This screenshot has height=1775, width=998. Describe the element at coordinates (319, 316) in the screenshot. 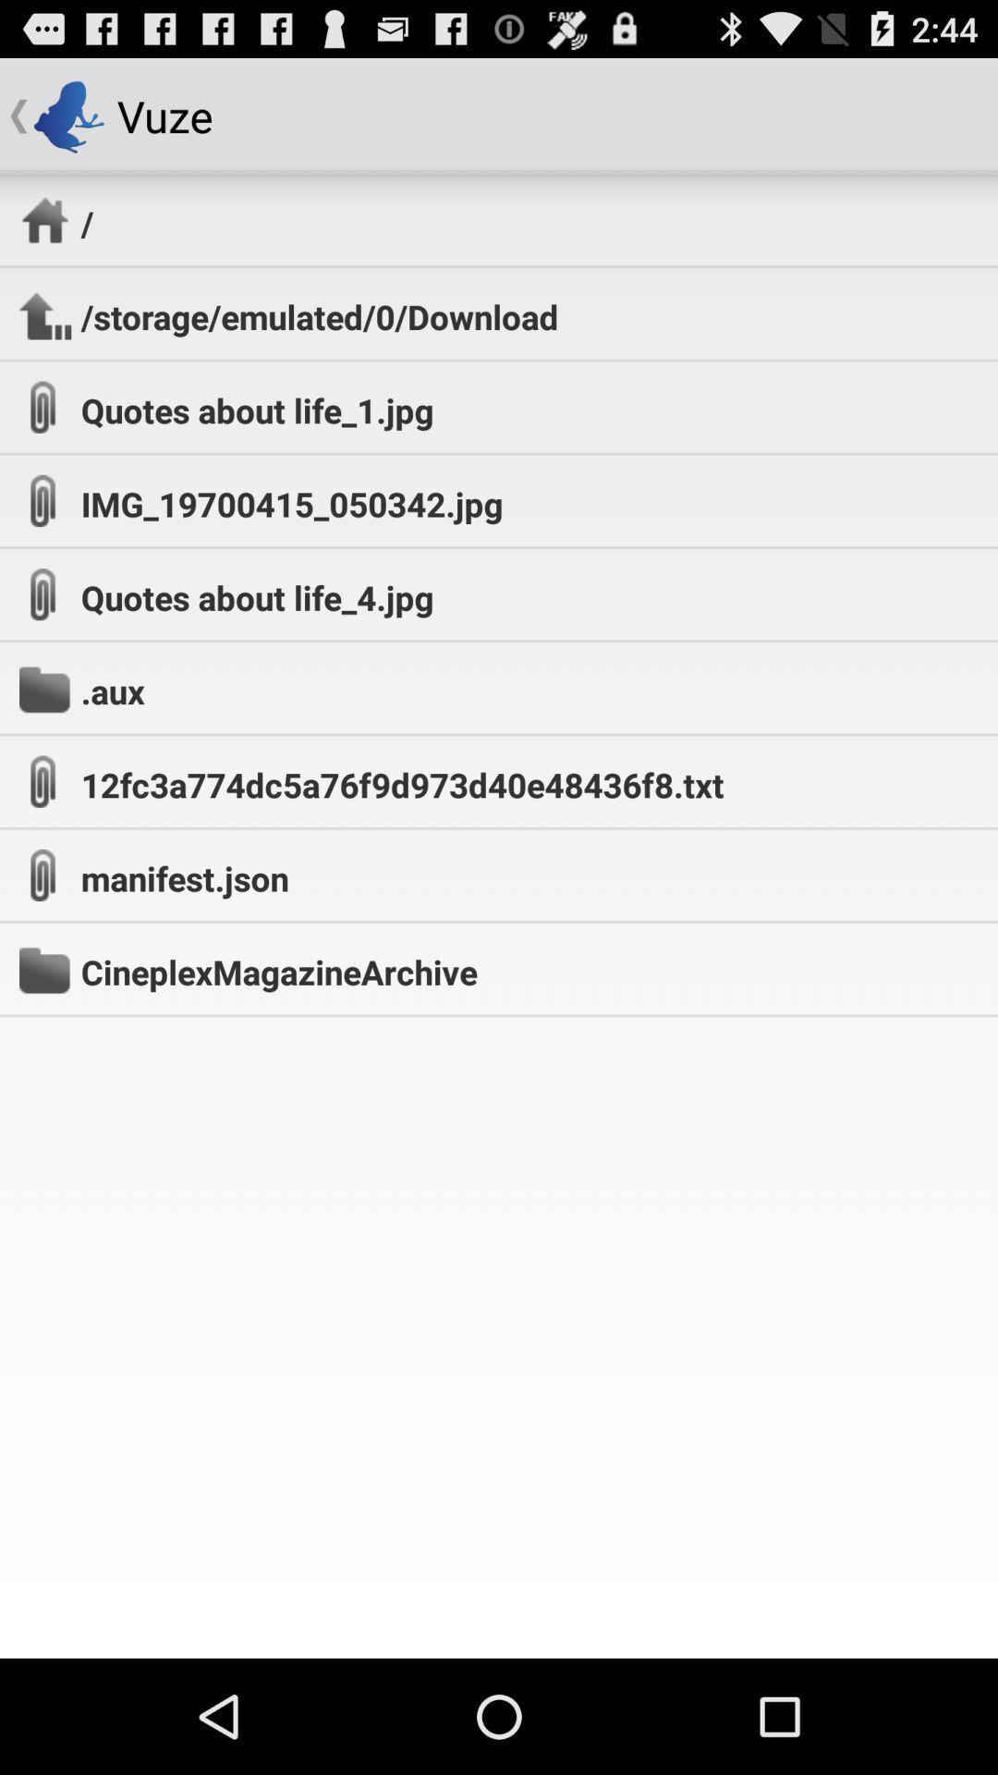

I see `storage emulated 0 icon` at that location.